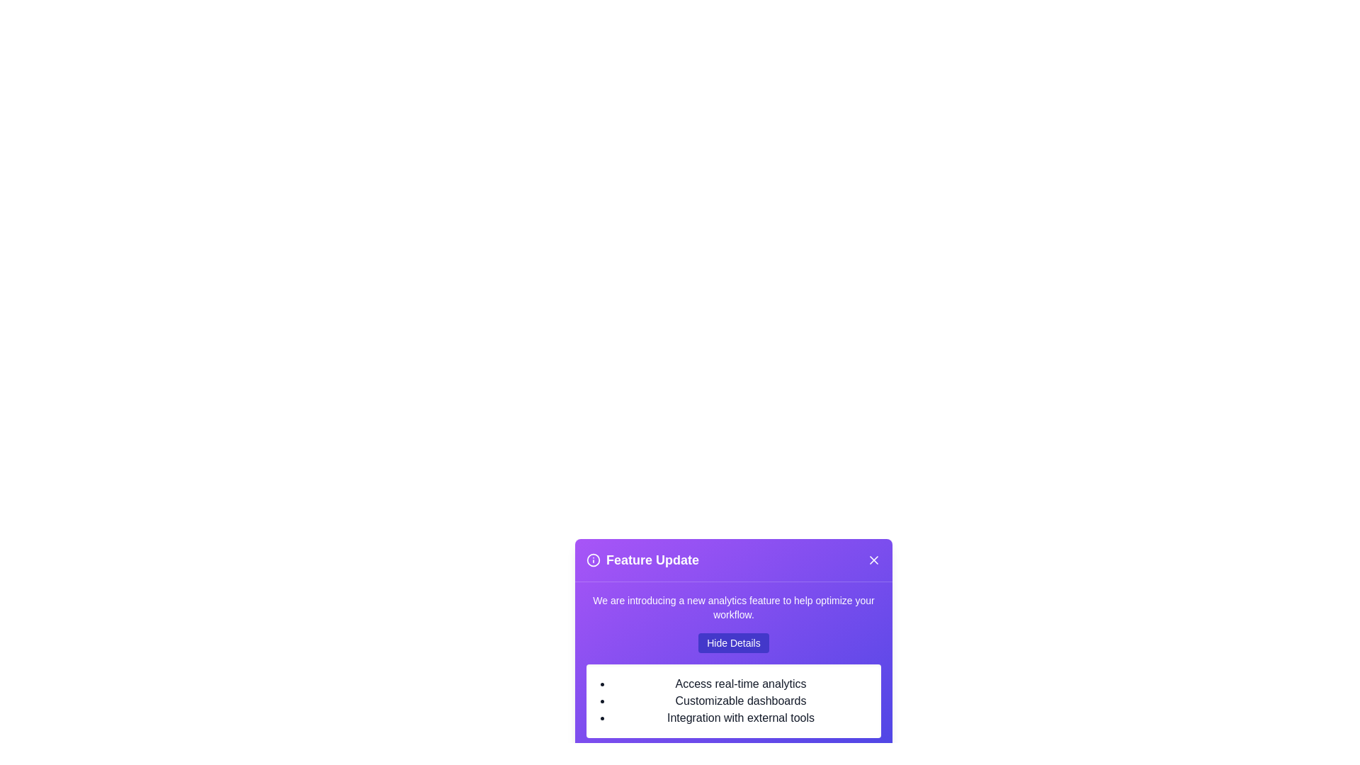 This screenshot has width=1360, height=765. I want to click on 'Hide Details' button to toggle the visibility of the details section, so click(734, 642).